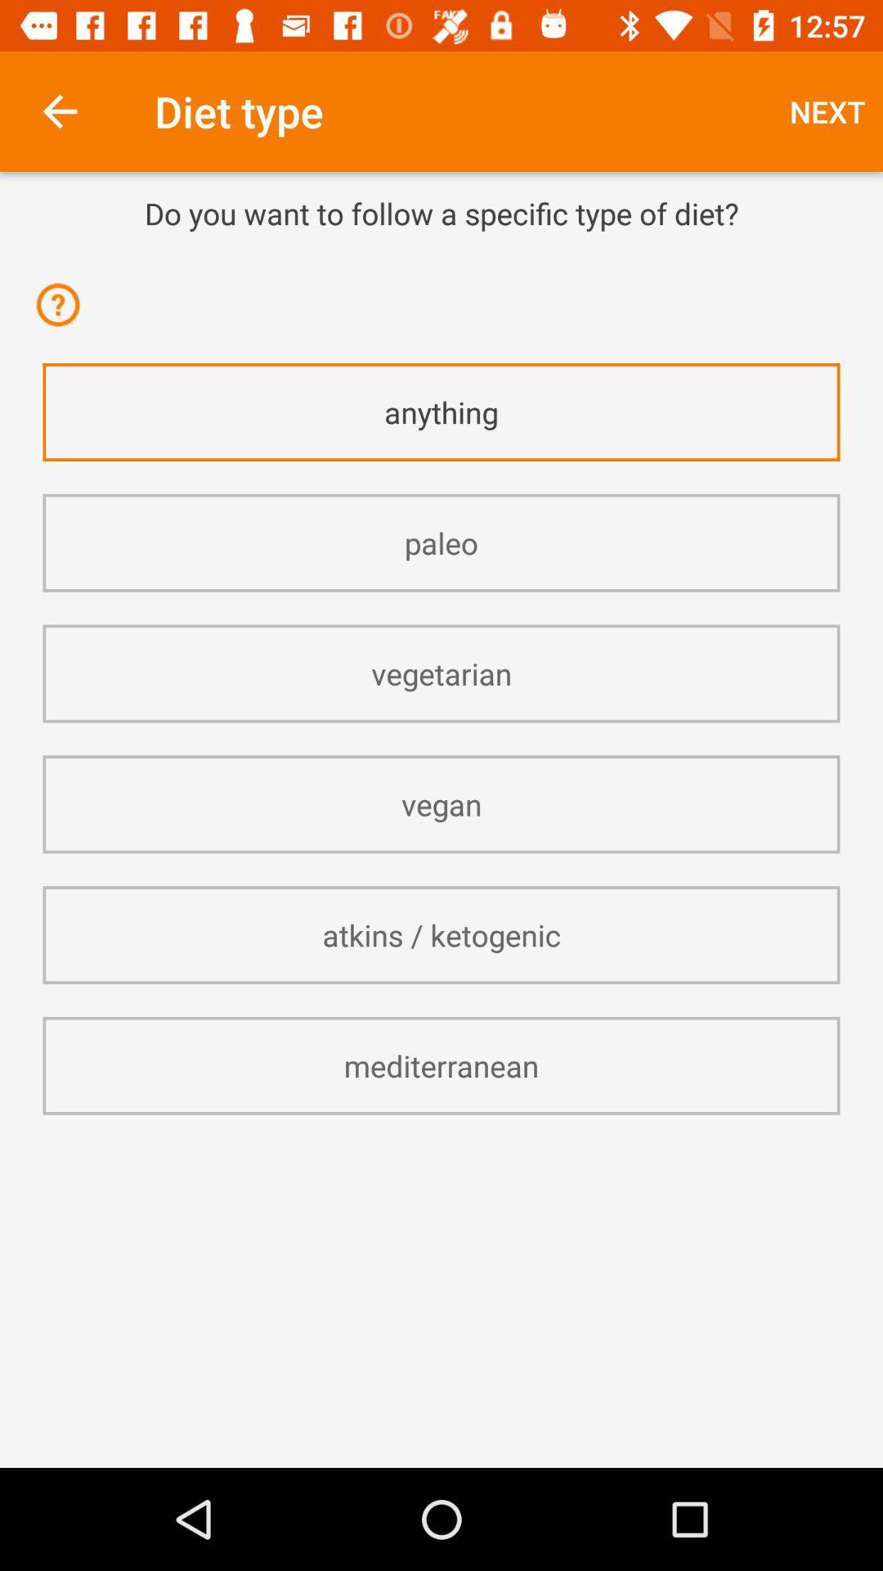 Image resolution: width=883 pixels, height=1571 pixels. What do you see at coordinates (441, 1065) in the screenshot?
I see `the item below the atkins / ketogenic item` at bounding box center [441, 1065].